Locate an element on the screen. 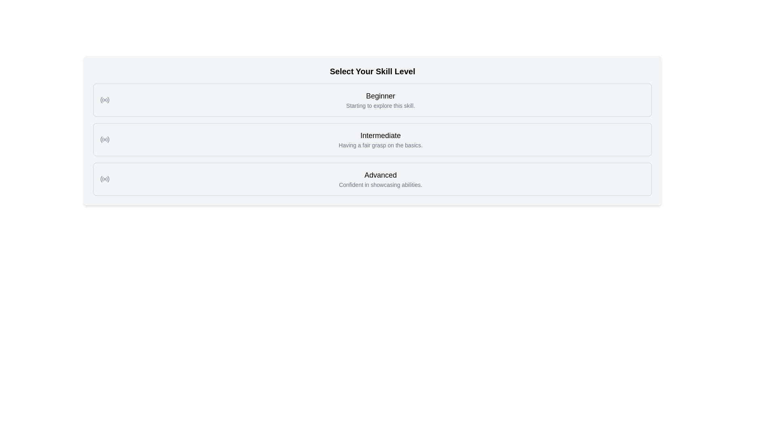  the 'Beginner' level text label, which is located under the 'Select Your Skill Level' heading and above the 'Intermediate' and 'Advanced' options is located at coordinates (380, 96).